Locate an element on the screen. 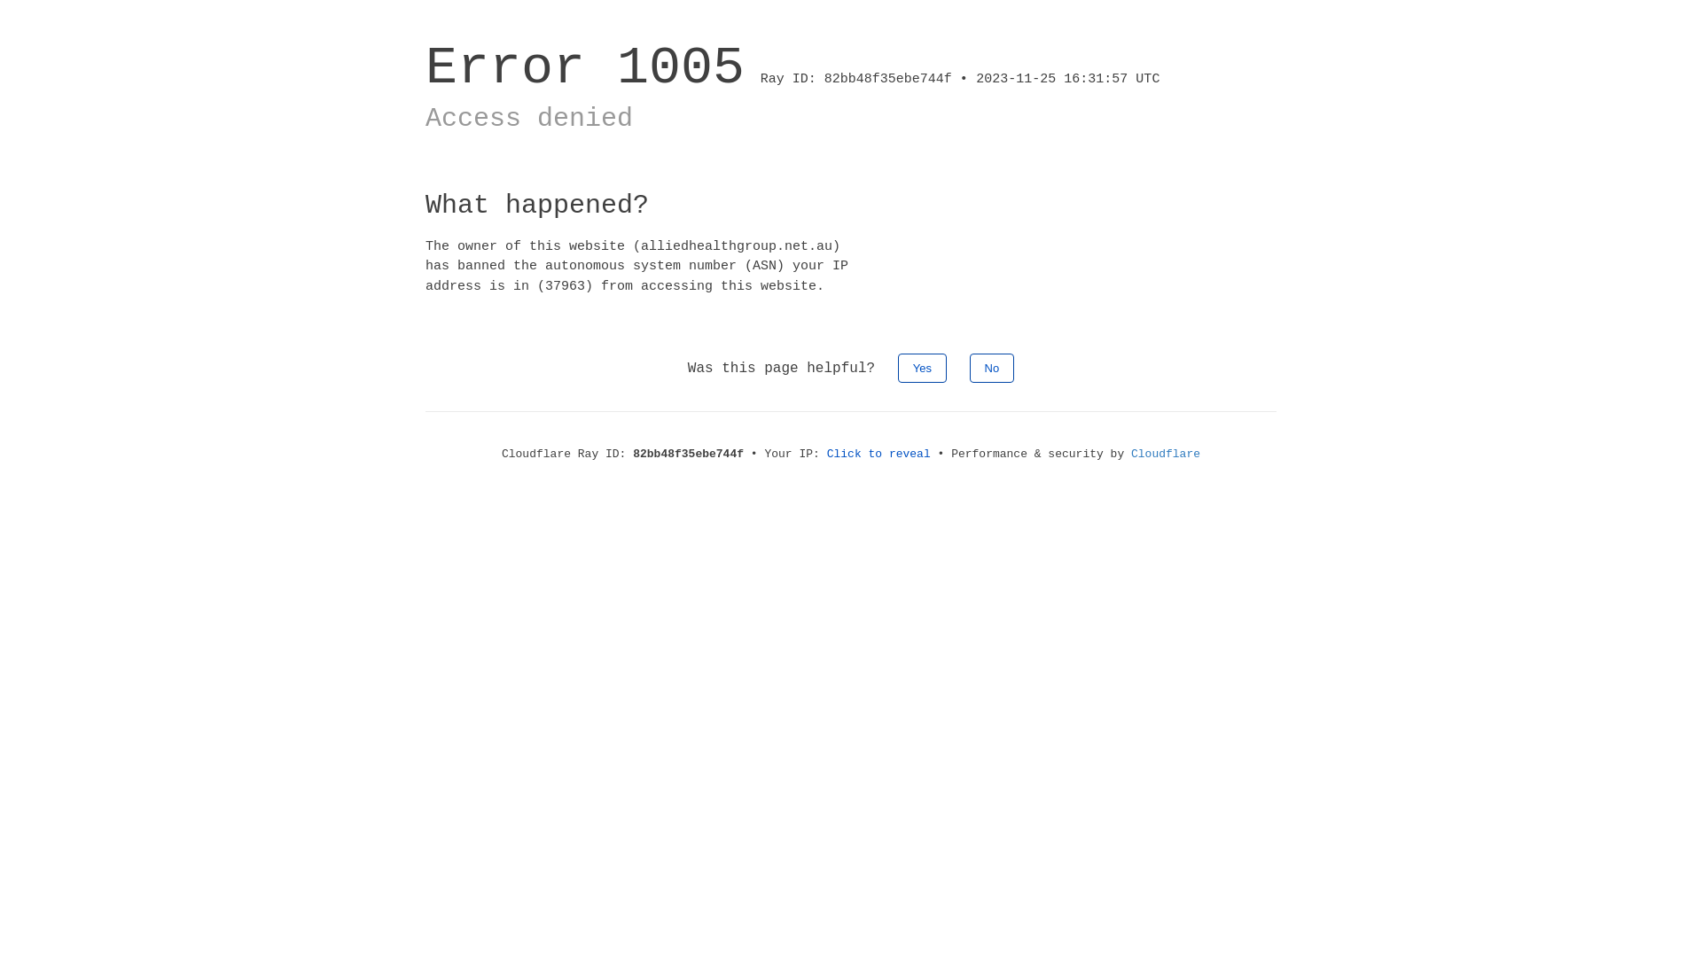 The image size is (1702, 957). 'Yes' is located at coordinates (922, 367).